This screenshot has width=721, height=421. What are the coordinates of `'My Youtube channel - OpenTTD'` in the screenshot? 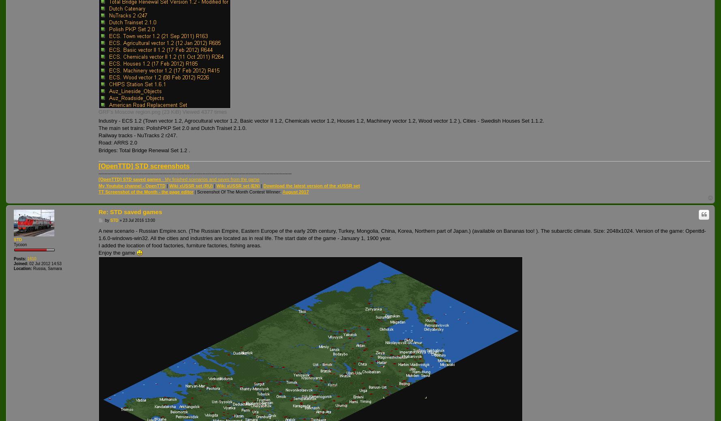 It's located at (131, 185).